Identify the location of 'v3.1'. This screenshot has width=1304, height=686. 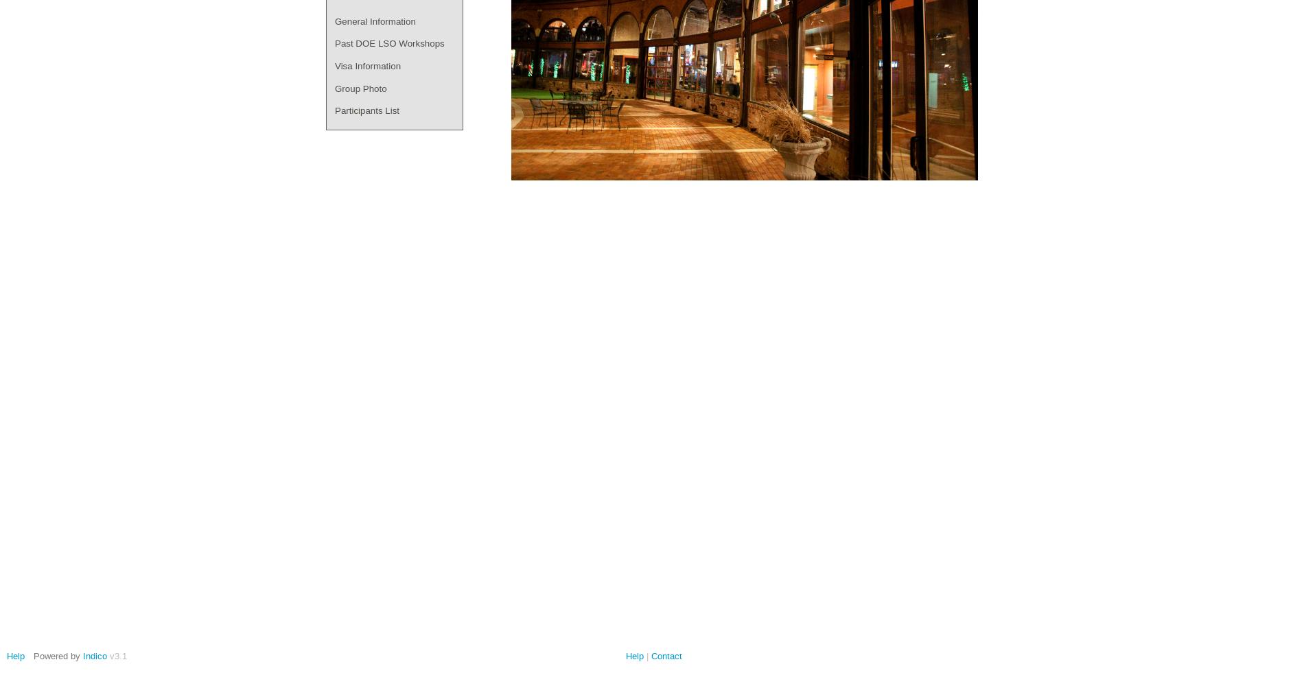
(118, 655).